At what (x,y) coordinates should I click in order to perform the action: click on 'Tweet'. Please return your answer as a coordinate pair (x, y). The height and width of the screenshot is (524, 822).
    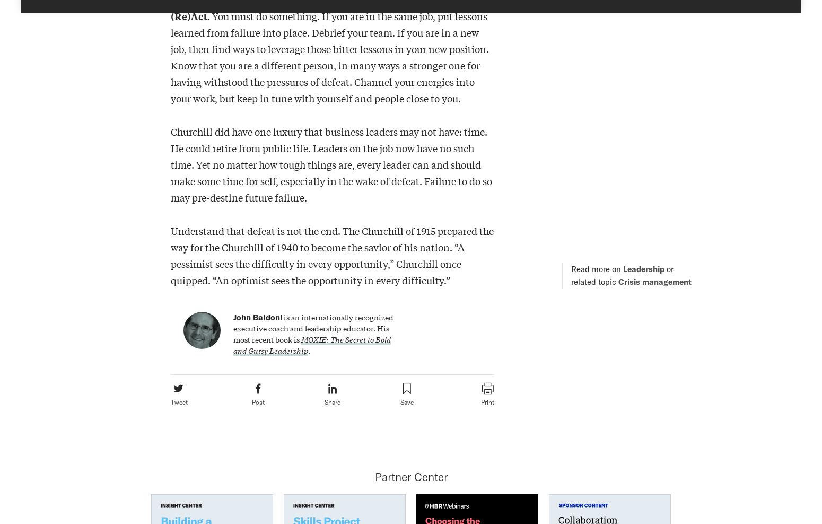
    Looking at the image, I should click on (179, 401).